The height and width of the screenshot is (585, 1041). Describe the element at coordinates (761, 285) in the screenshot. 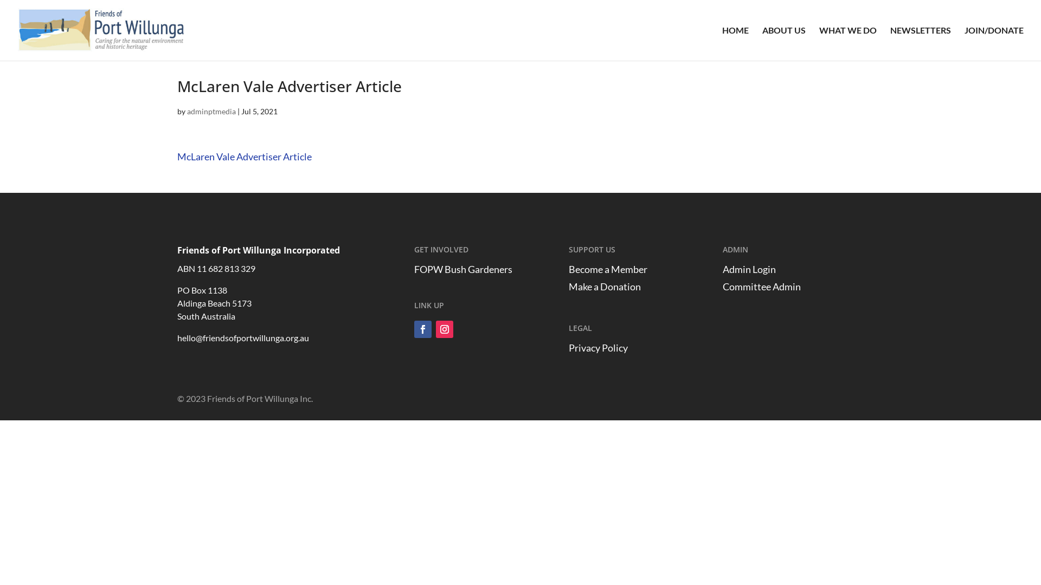

I see `'Committee Admin'` at that location.